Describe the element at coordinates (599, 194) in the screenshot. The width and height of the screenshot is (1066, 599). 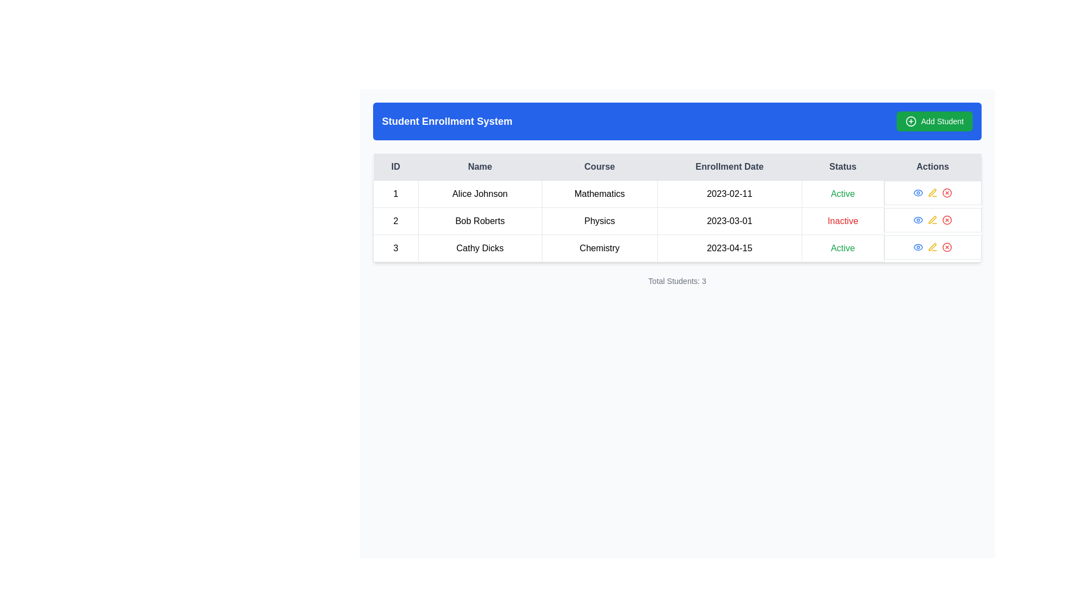
I see `the content of the Text Display Cell containing 'Mathematics', which is the third cell in the first row of the table related to student 'Alice Johnson'` at that location.